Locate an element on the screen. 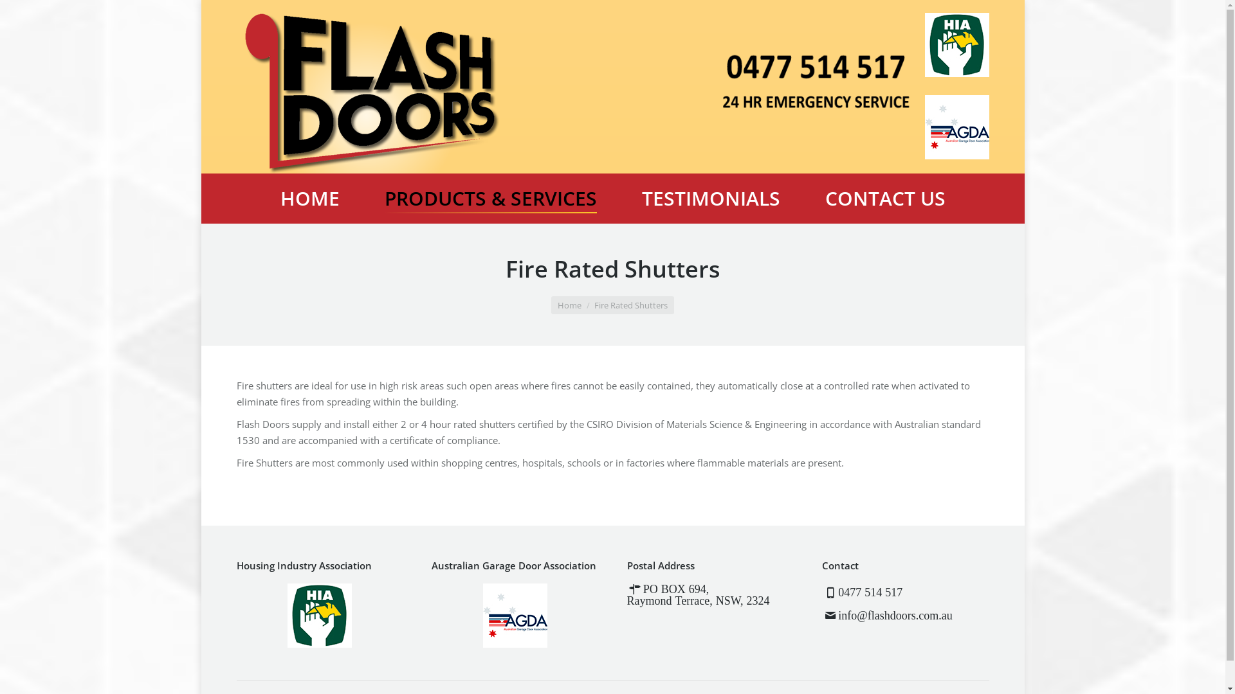 The image size is (1235, 694). 'Home' is located at coordinates (569, 305).